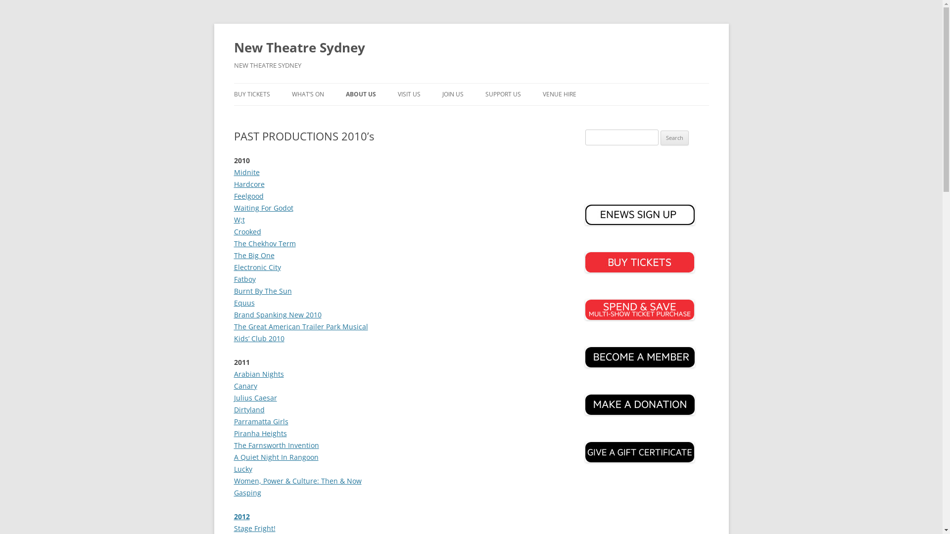 The height and width of the screenshot is (534, 950). Describe the element at coordinates (261, 421) in the screenshot. I see `'Parramatta Girls'` at that location.